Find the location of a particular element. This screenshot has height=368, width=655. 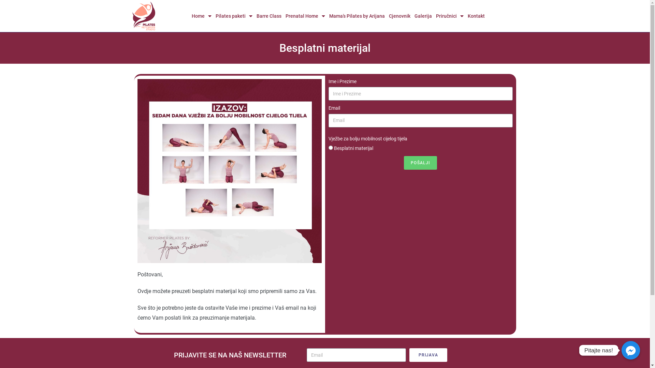

'Kontakt' is located at coordinates (476, 15).